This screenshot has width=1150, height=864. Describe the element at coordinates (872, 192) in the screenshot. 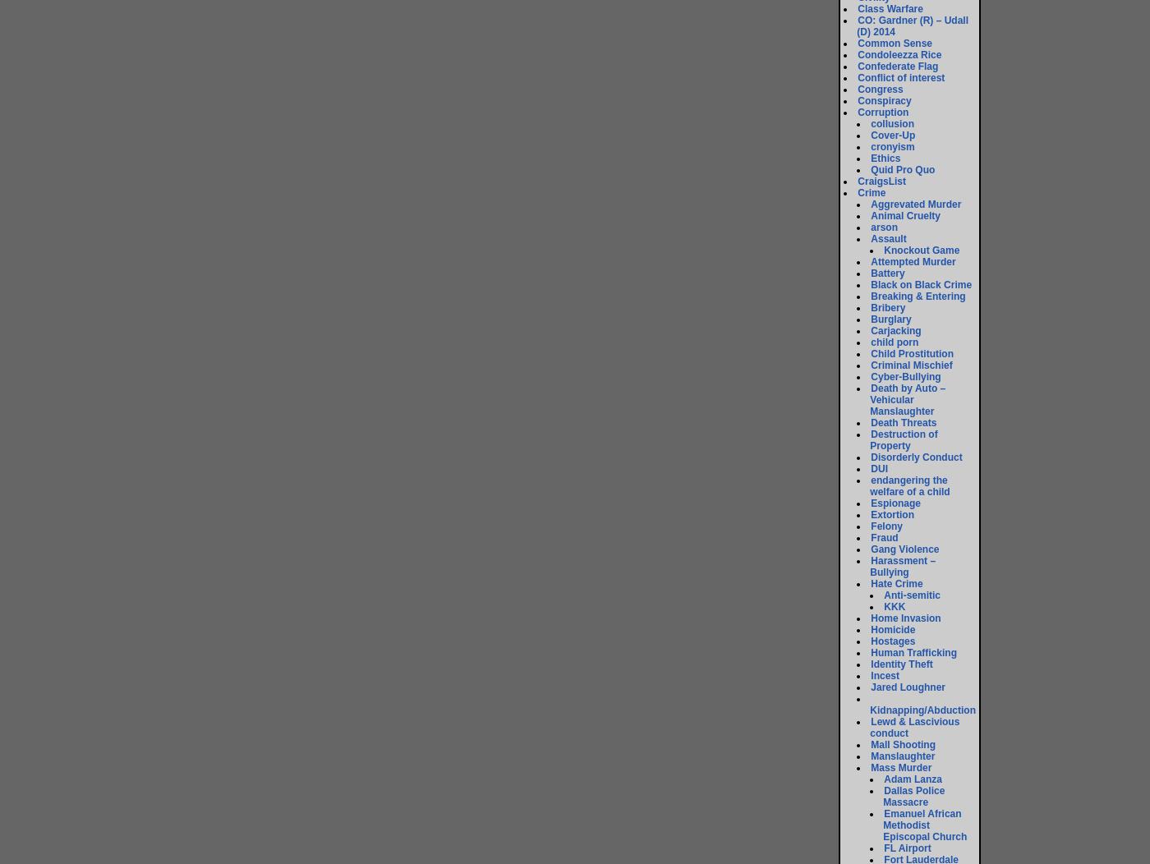

I see `'Crime'` at that location.